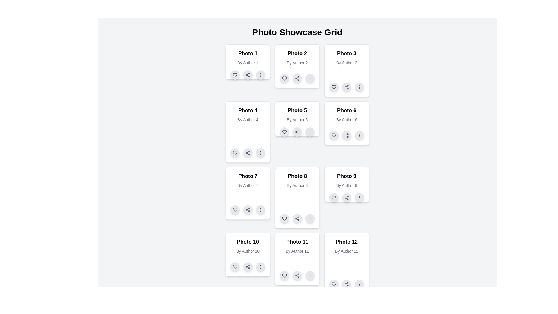 Image resolution: width=558 pixels, height=314 pixels. What do you see at coordinates (359, 135) in the screenshot?
I see `the vertical ellipsis icon in the top-right corner of the 'Photo 6' card` at bounding box center [359, 135].